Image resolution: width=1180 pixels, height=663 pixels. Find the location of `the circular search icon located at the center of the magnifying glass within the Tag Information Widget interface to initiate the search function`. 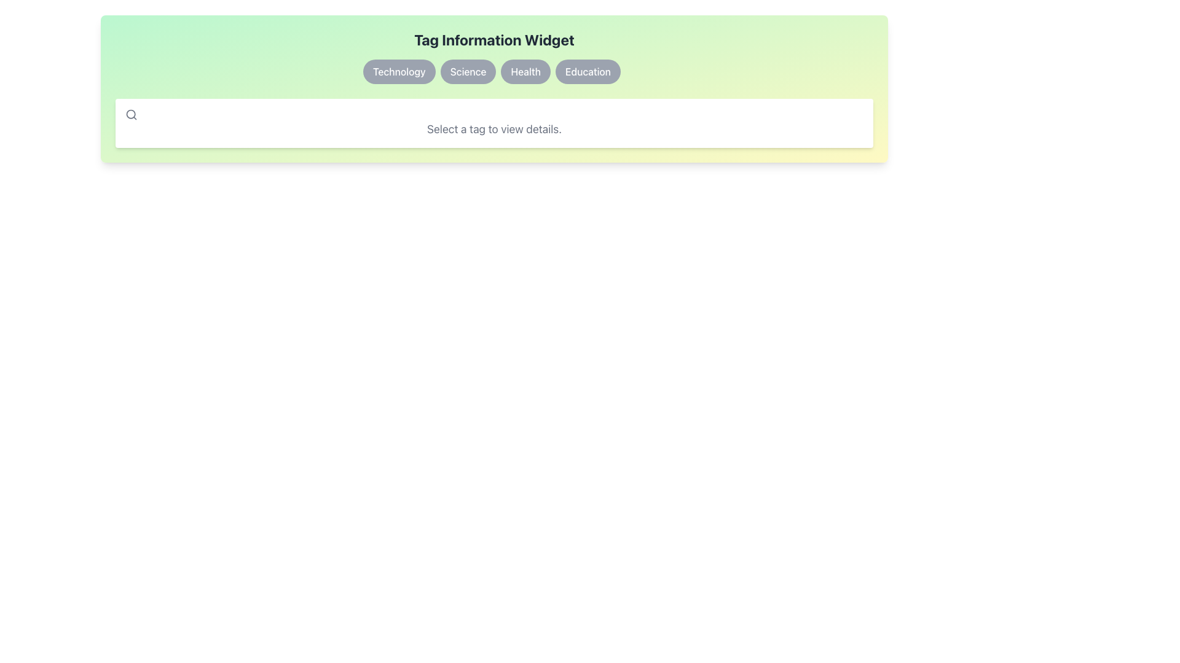

the circular search icon located at the center of the magnifying glass within the Tag Information Widget interface to initiate the search function is located at coordinates (131, 114).